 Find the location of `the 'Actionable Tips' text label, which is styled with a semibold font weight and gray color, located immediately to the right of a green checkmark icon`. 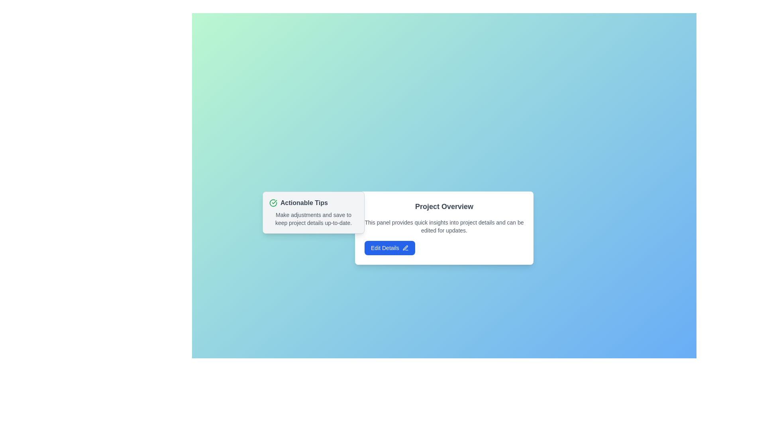

the 'Actionable Tips' text label, which is styled with a semibold font weight and gray color, located immediately to the right of a green checkmark icon is located at coordinates (304, 202).